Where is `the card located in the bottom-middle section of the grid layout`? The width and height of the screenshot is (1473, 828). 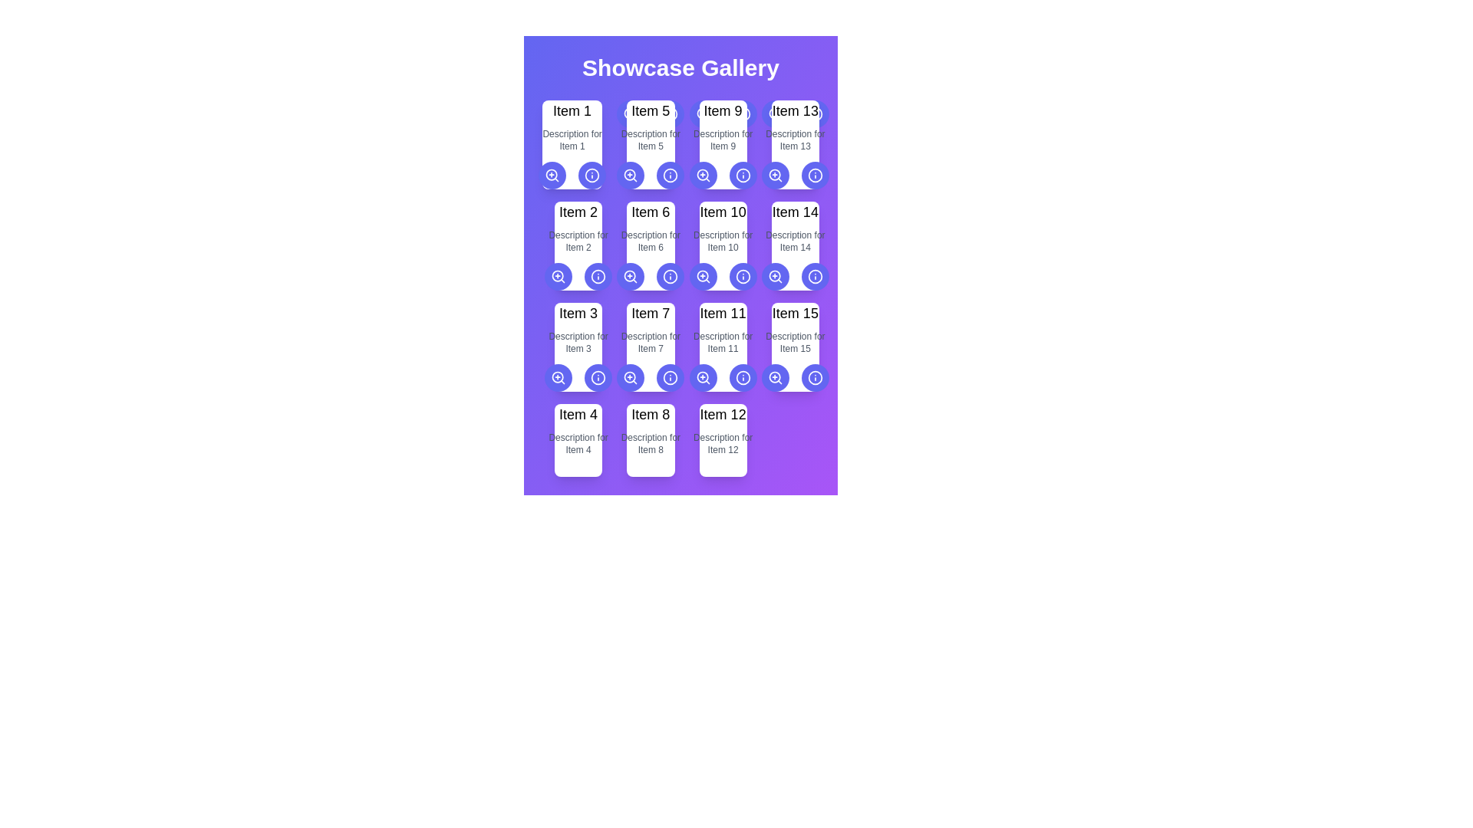
the card located in the bottom-middle section of the grid layout is located at coordinates (686, 288).